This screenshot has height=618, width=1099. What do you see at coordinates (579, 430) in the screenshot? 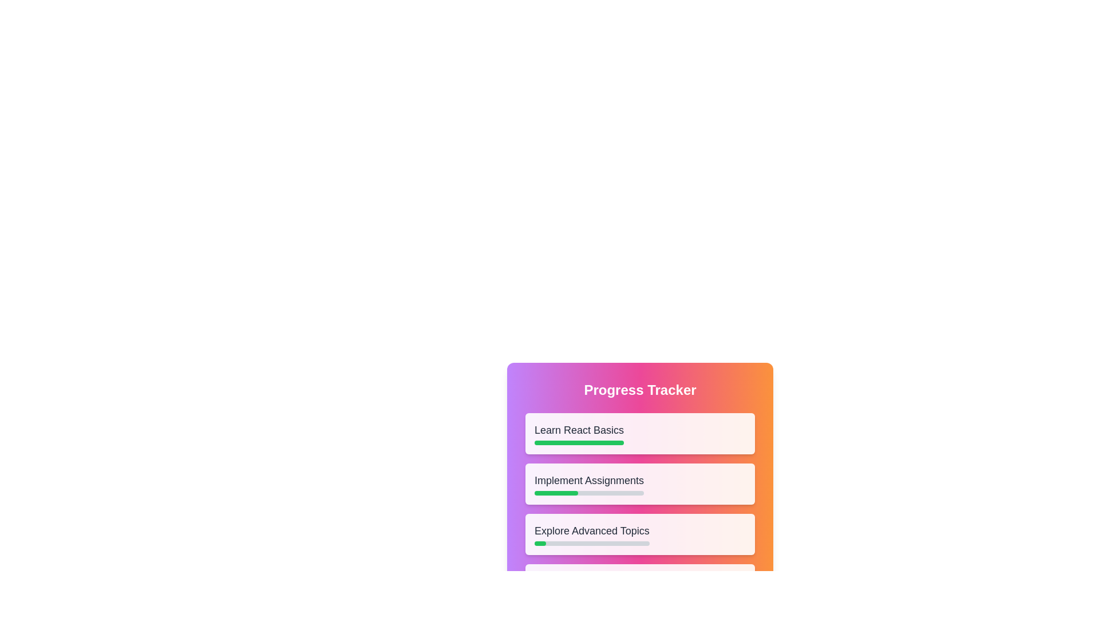
I see `the task title 'Learn React Basics' to enable text editing` at bounding box center [579, 430].